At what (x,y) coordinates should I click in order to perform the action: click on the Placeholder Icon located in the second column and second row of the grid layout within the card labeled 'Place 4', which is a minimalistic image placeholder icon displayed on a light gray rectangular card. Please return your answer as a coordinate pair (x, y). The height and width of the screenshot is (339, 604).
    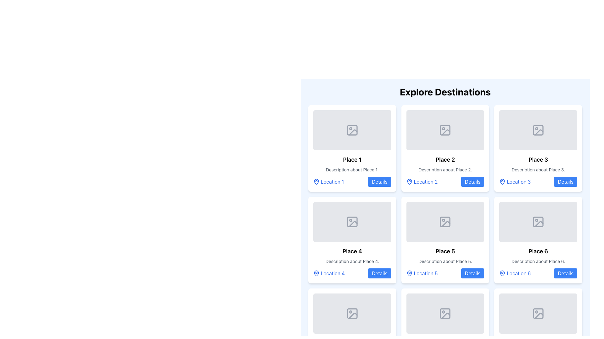
    Looking at the image, I should click on (352, 221).